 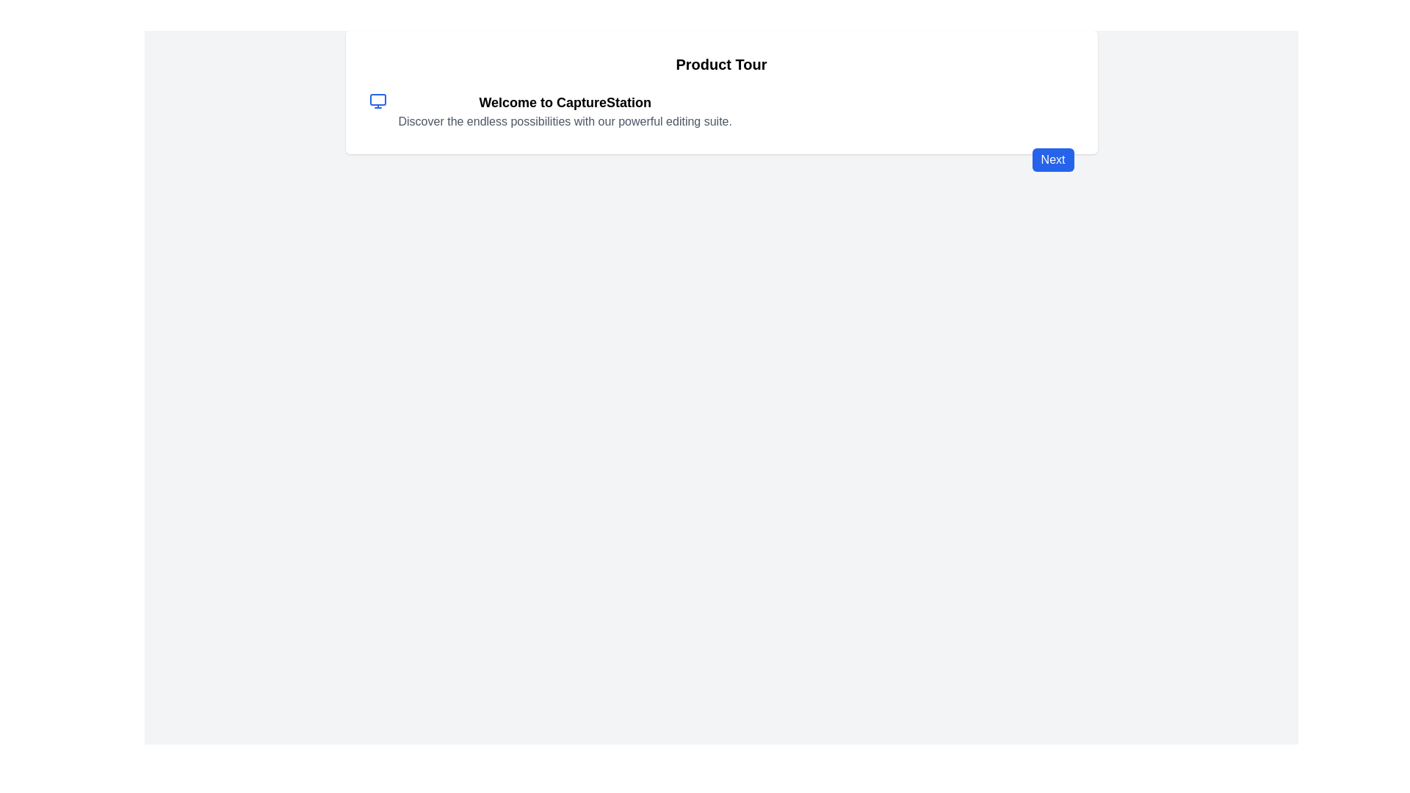 What do you see at coordinates (1052, 160) in the screenshot?
I see `the rectangular blue button labeled 'Next' with white bold text to observe the hover effect` at bounding box center [1052, 160].